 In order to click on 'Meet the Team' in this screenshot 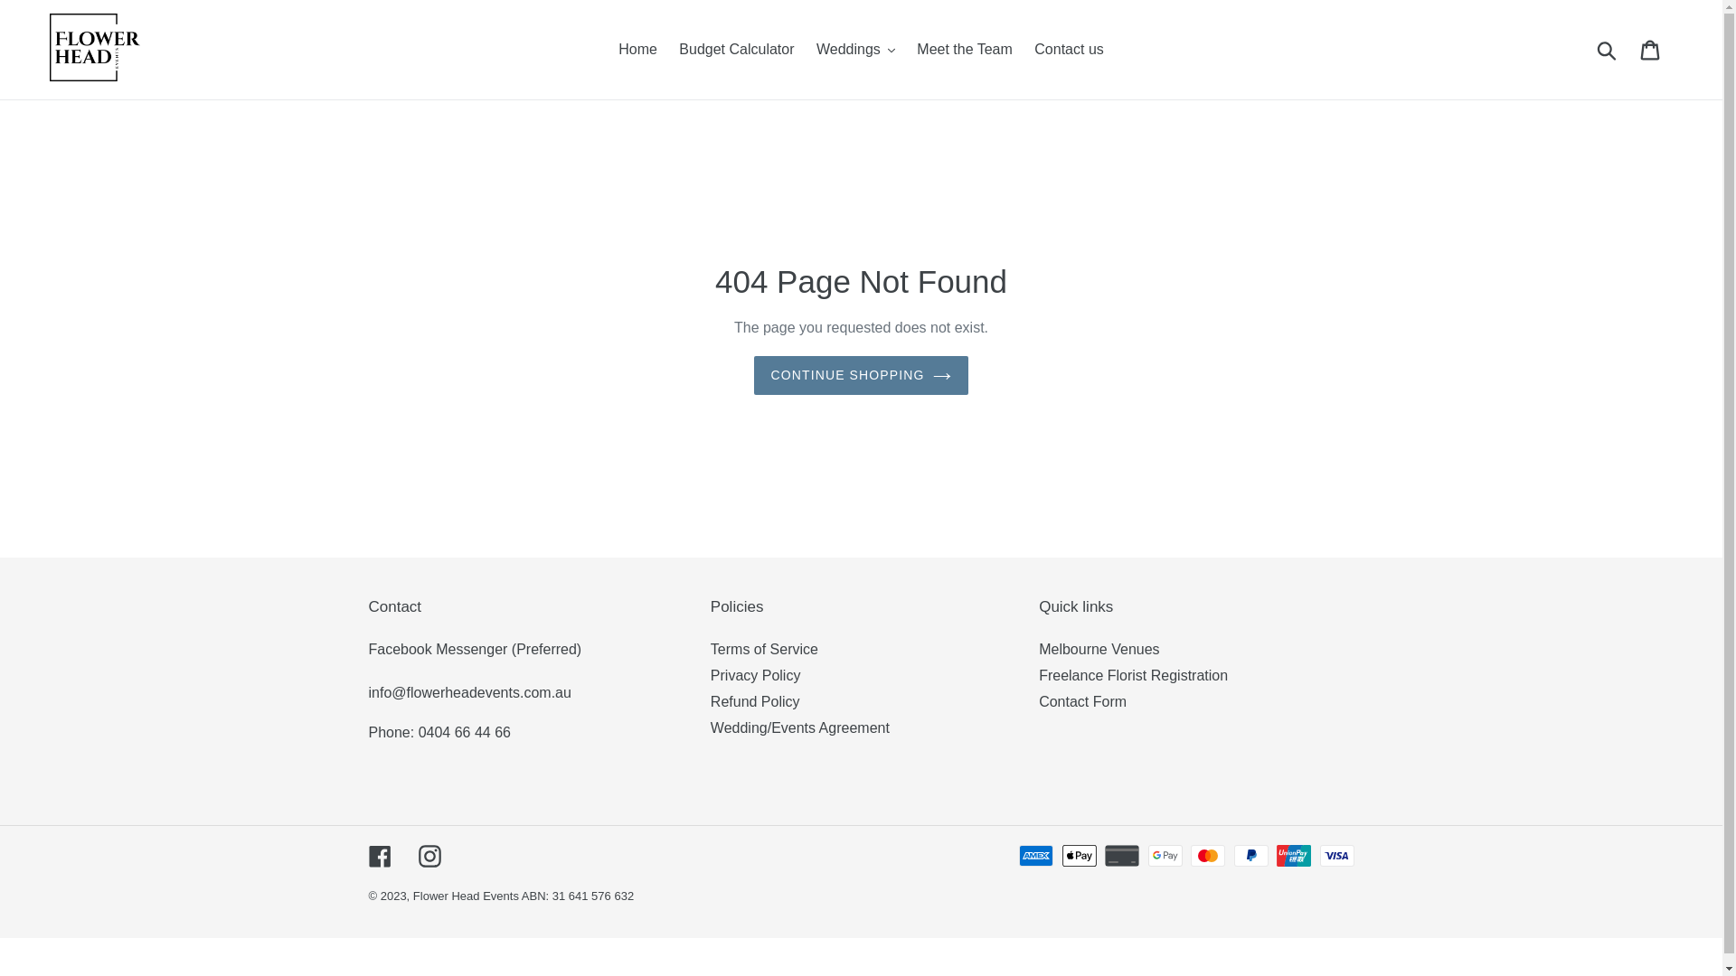, I will do `click(963, 48)`.